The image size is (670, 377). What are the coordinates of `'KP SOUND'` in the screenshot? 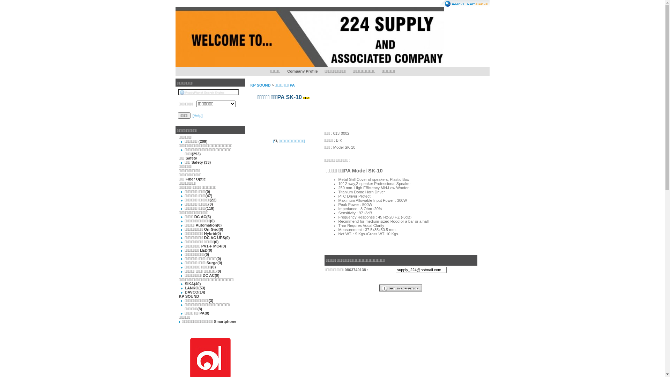 It's located at (260, 84).